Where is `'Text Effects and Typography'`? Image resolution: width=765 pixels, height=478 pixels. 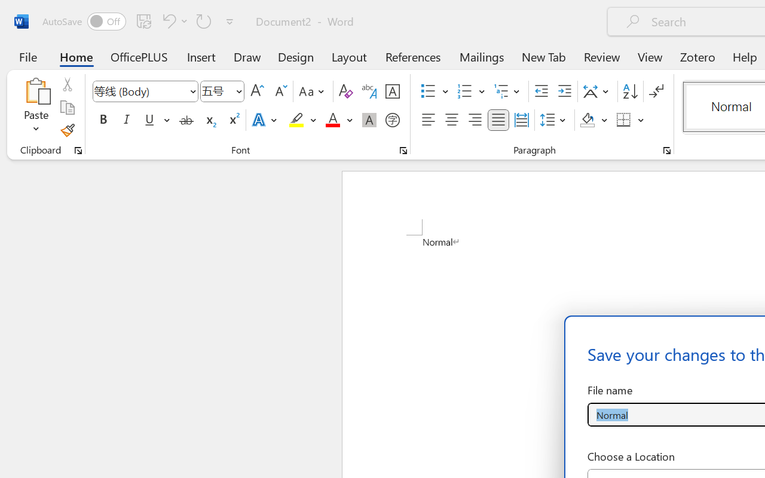 'Text Effects and Typography' is located at coordinates (265, 120).